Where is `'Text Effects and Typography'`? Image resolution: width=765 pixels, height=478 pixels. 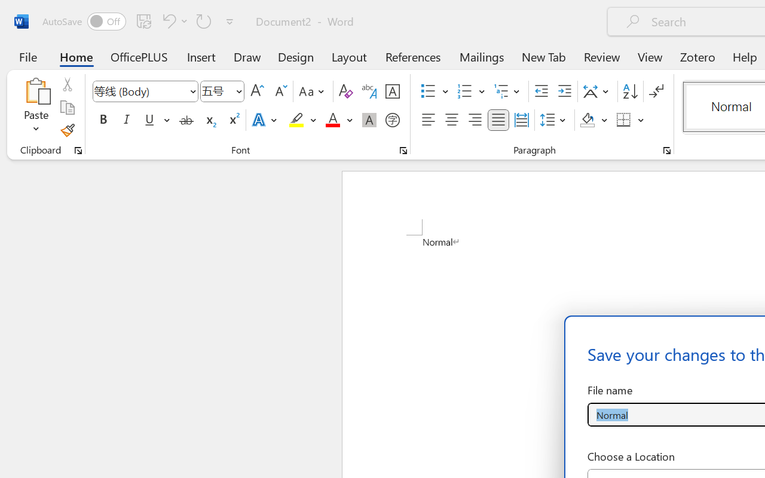 'Text Effects and Typography' is located at coordinates (265, 120).